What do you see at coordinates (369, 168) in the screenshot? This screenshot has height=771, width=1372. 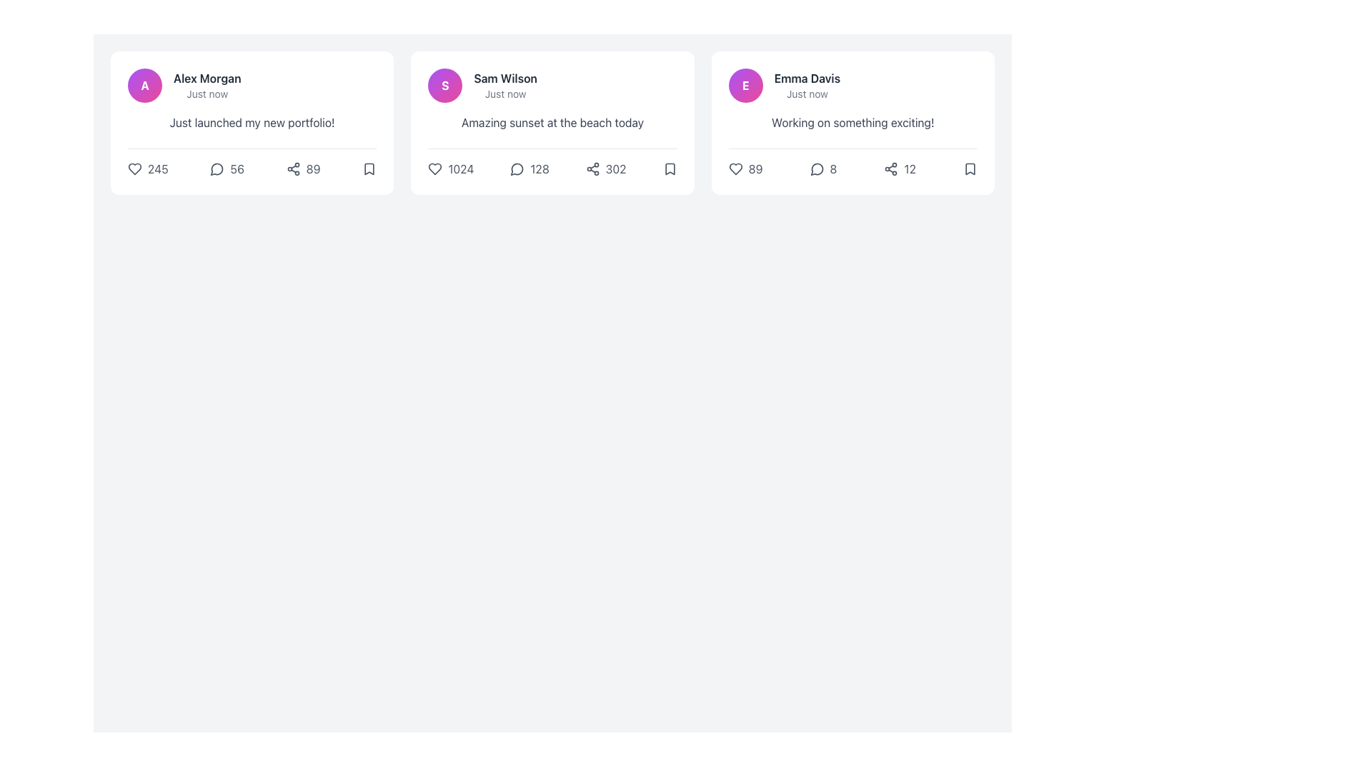 I see `the bookmark icon outlined in dark gray, located at the far-right end of the statistics bar under the card titled 'Alex Morgan', to change its color to yellow` at bounding box center [369, 168].